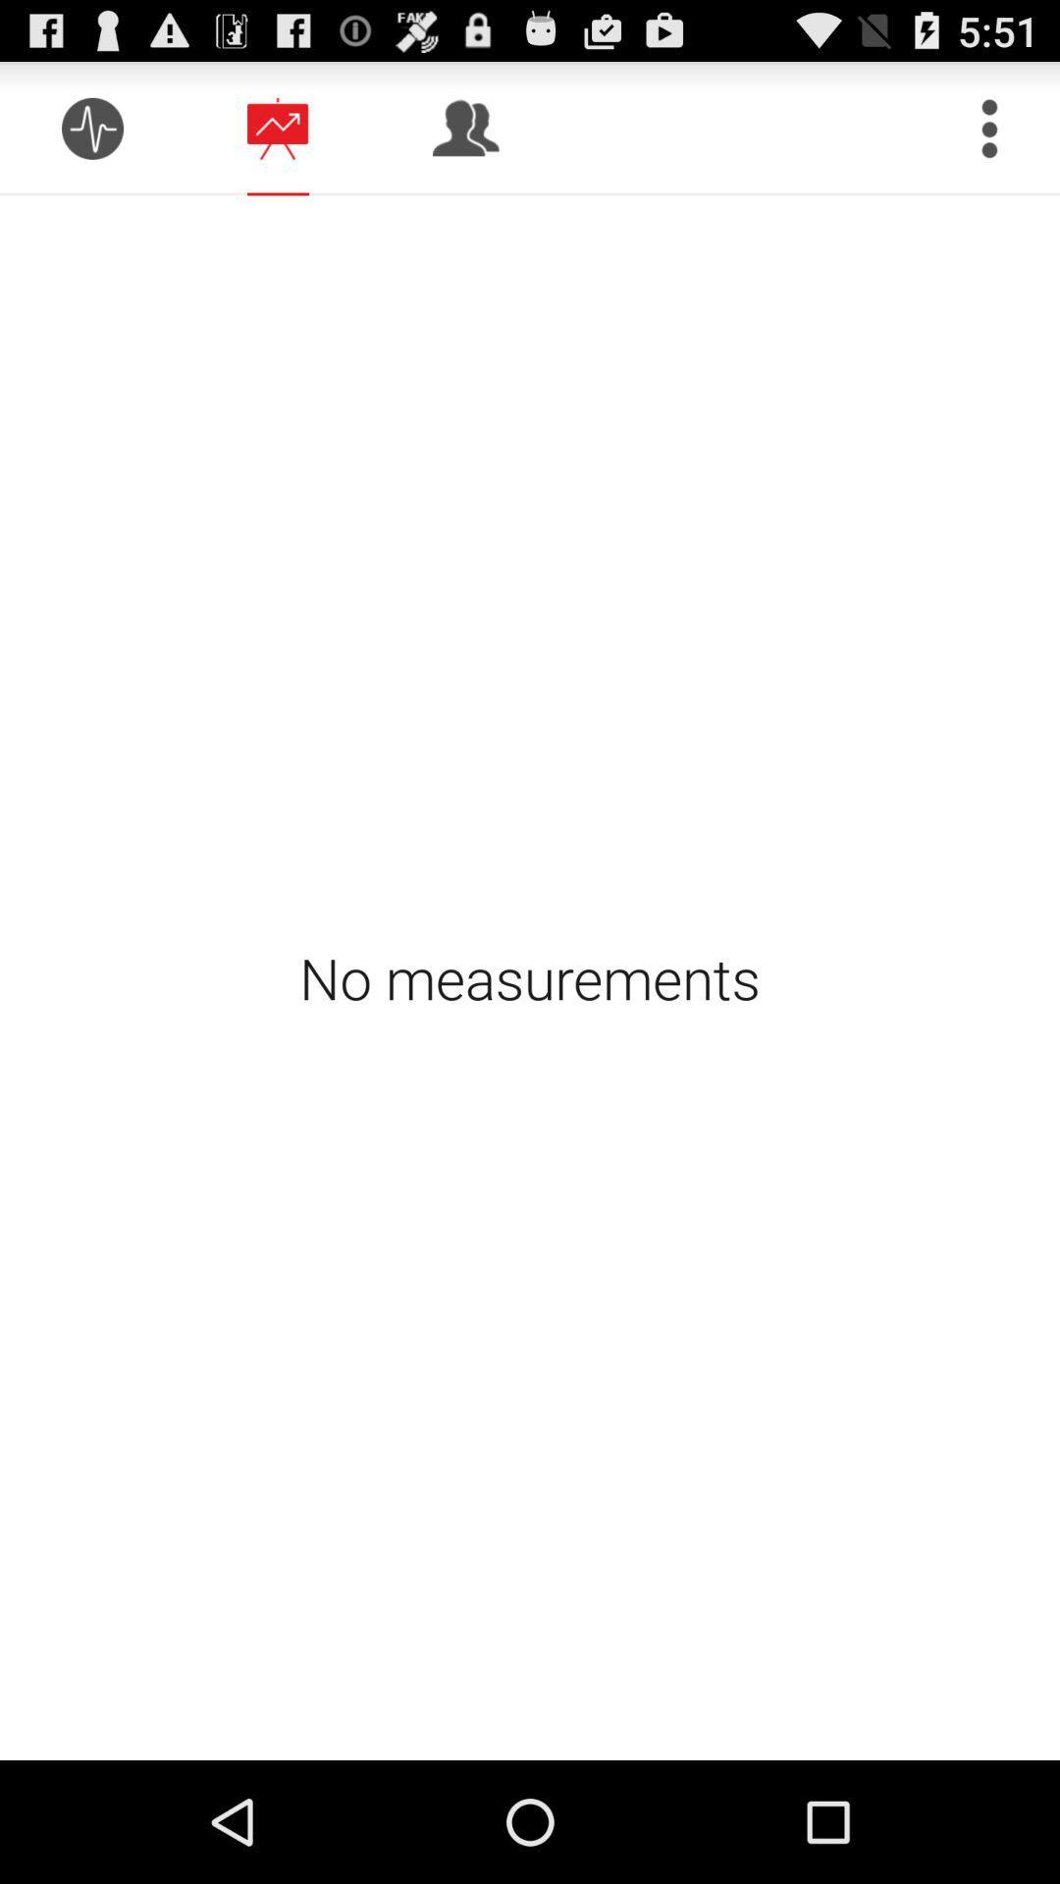 The image size is (1060, 1884). Describe the element at coordinates (989, 128) in the screenshot. I see `icon at the top right corner` at that location.